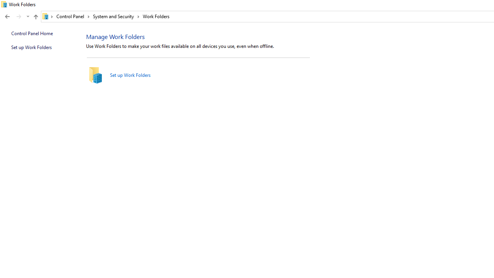 The image size is (494, 278). What do you see at coordinates (116, 16) in the screenshot?
I see `'System and Security'` at bounding box center [116, 16].